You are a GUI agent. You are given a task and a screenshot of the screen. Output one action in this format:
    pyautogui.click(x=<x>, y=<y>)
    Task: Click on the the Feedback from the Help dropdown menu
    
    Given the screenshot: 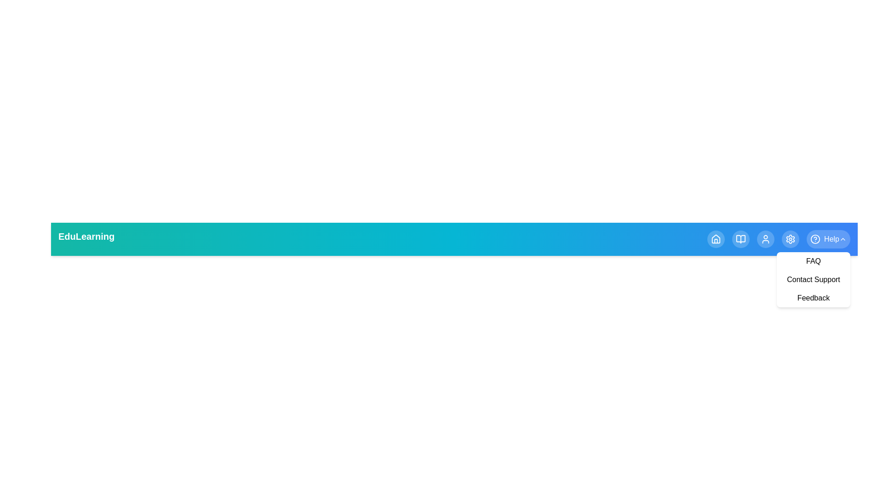 What is the action you would take?
    pyautogui.click(x=814, y=298)
    